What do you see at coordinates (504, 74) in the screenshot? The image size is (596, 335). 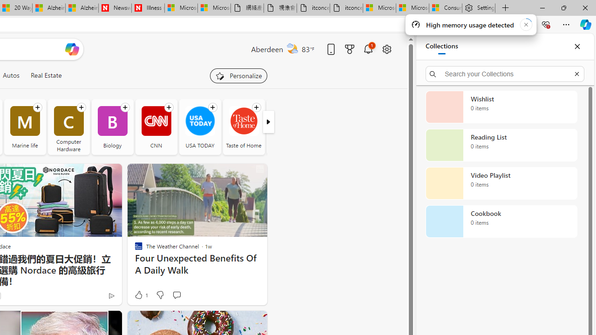 I see `'Search your Collections'` at bounding box center [504, 74].